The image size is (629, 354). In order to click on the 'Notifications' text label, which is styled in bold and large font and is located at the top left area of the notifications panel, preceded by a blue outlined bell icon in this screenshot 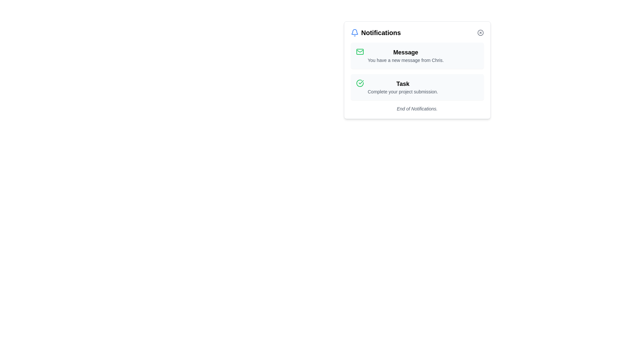, I will do `click(376, 33)`.